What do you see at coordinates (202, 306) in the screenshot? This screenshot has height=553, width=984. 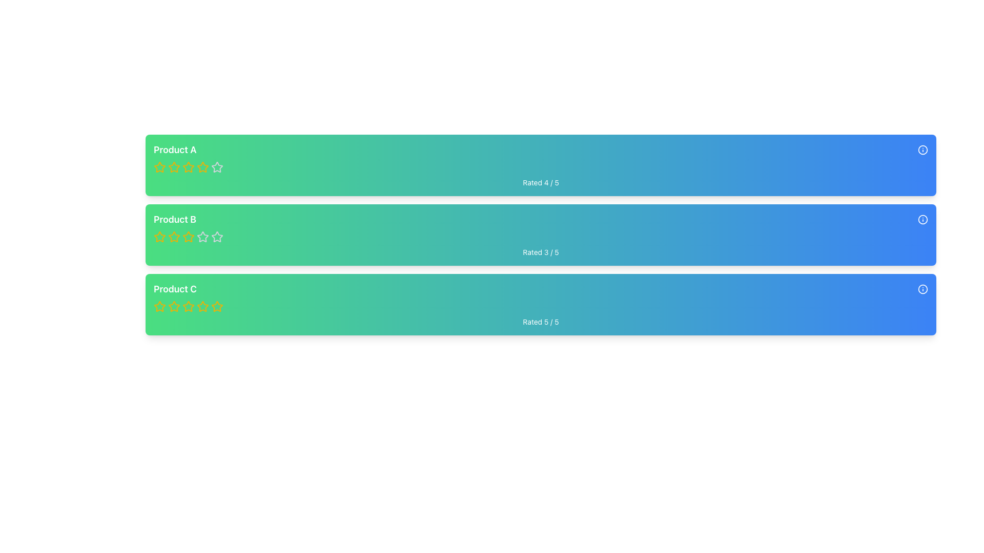 I see `the second rating star for Product C, which is a star-shaped icon with a yellow outline on a green background, located` at bounding box center [202, 306].